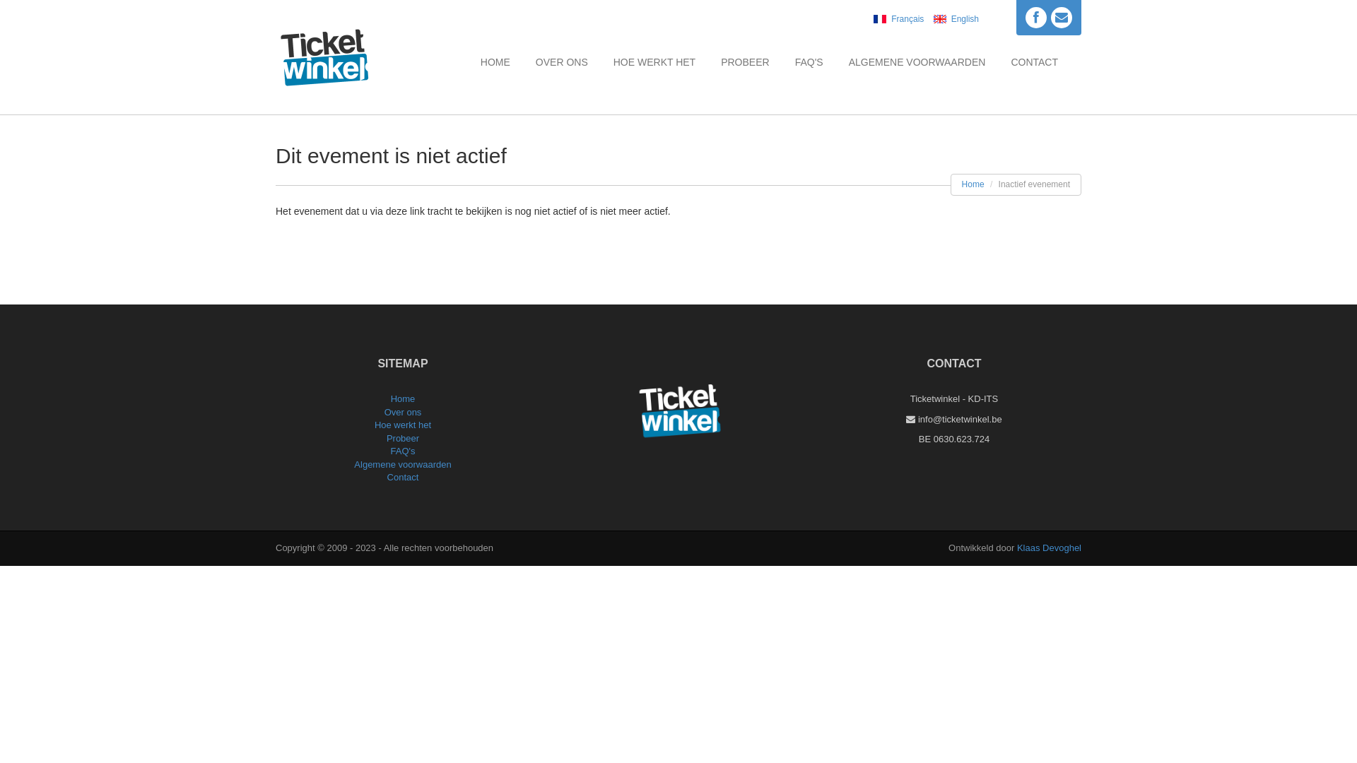  What do you see at coordinates (402, 477) in the screenshot?
I see `'Contact'` at bounding box center [402, 477].